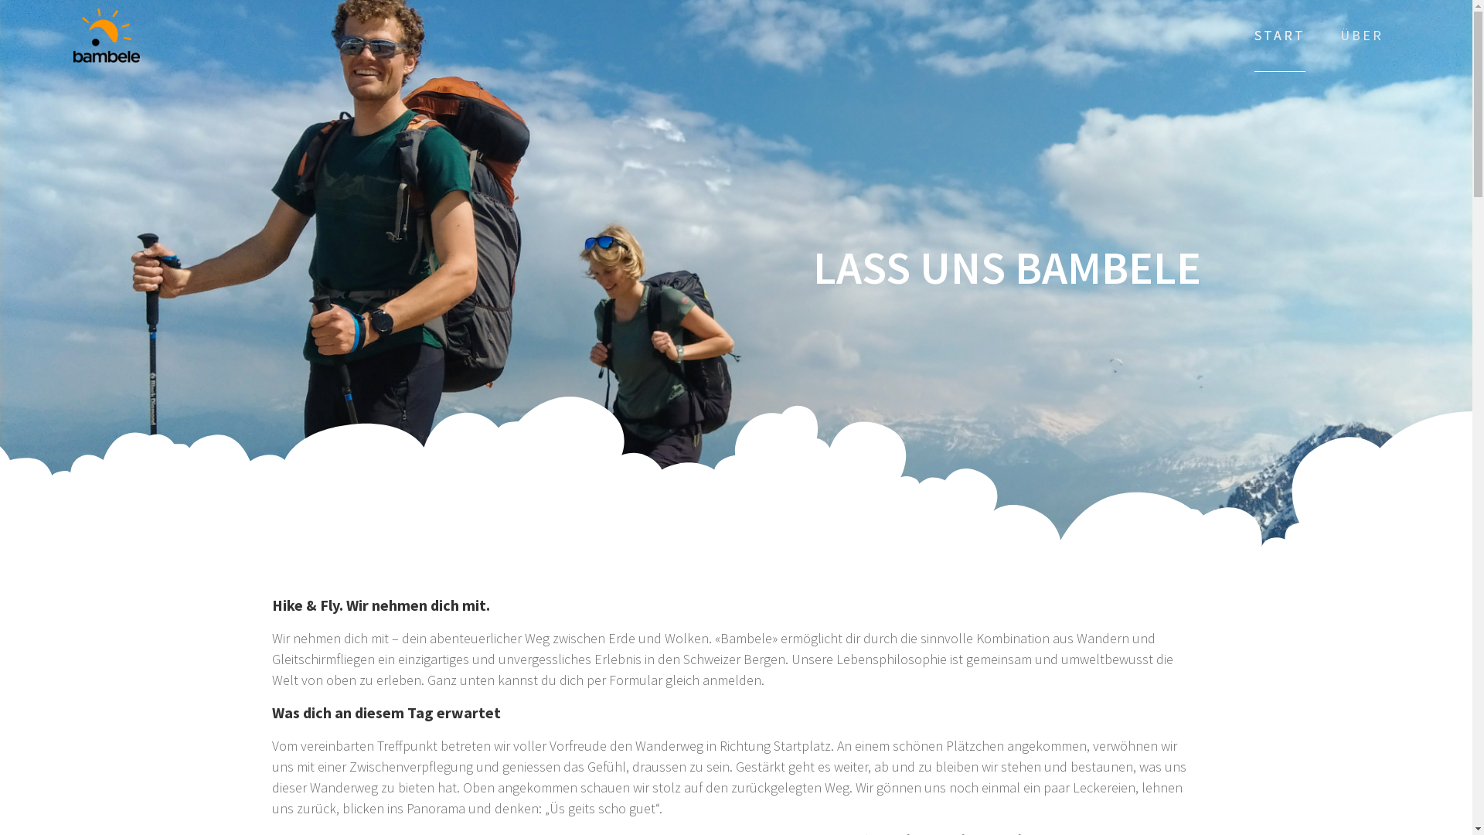 The height and width of the screenshot is (835, 1484). I want to click on 'START', so click(1280, 35).